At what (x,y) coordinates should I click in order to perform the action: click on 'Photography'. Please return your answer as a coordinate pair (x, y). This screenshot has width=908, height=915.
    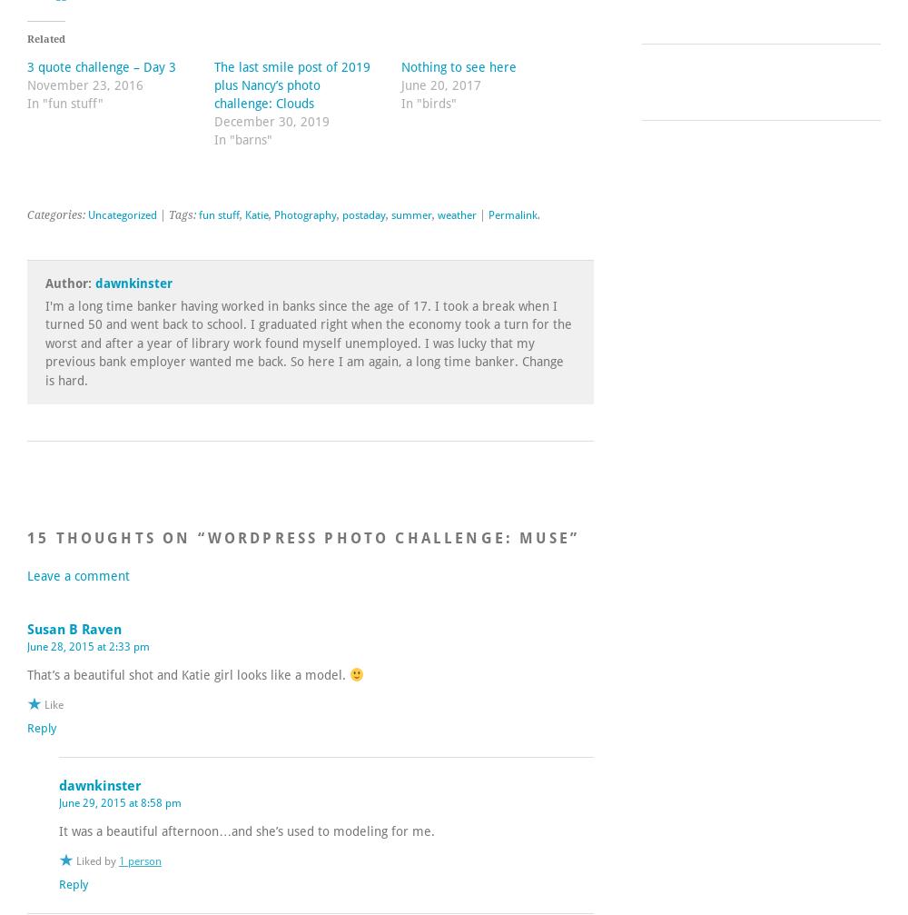
    Looking at the image, I should click on (274, 215).